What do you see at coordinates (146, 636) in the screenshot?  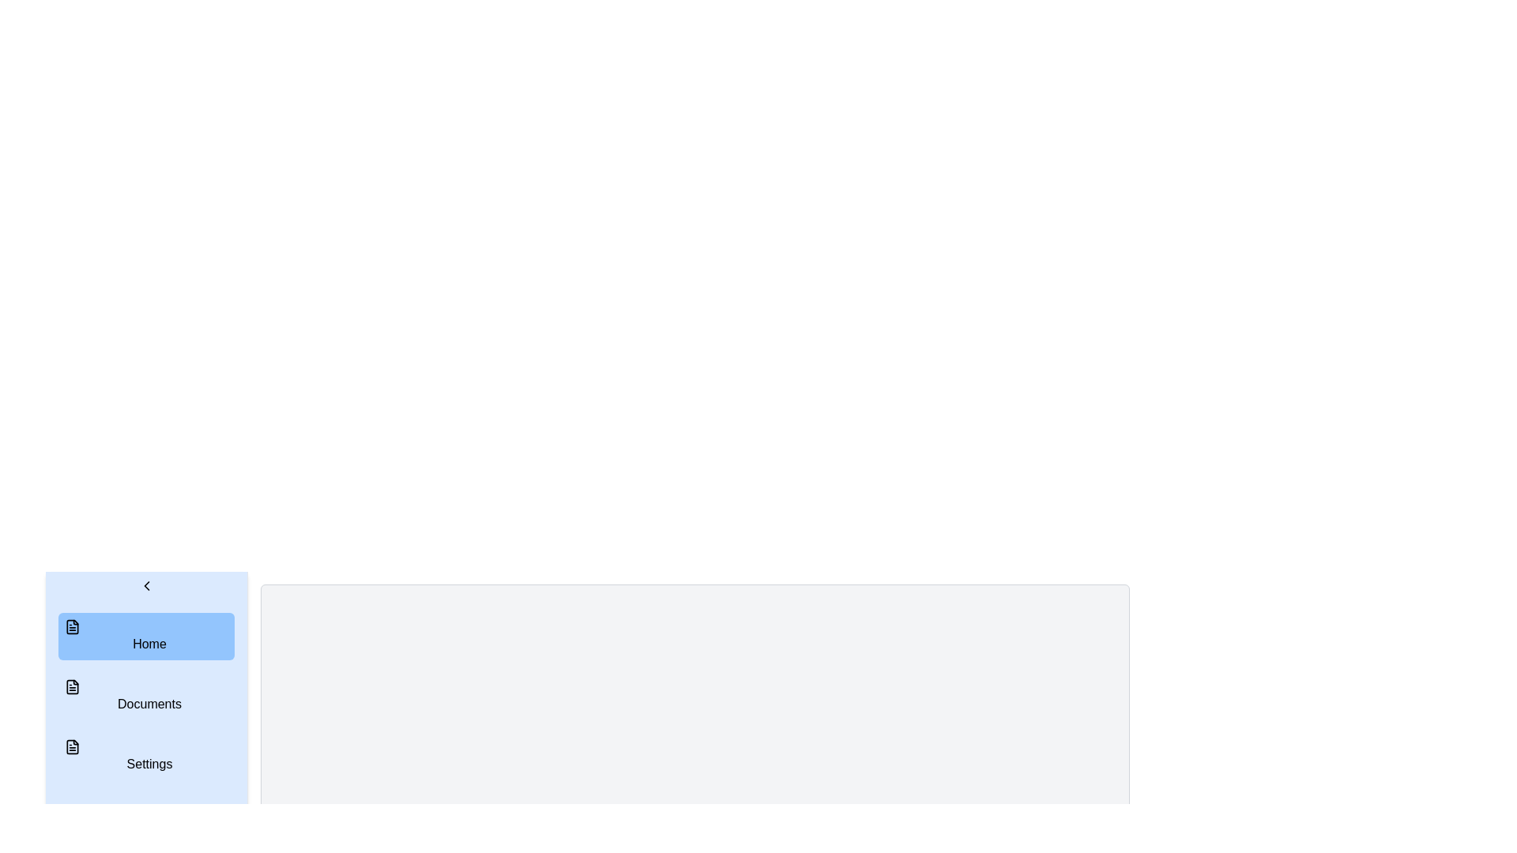 I see `the home navigation button located in the left-side navigation panel` at bounding box center [146, 636].